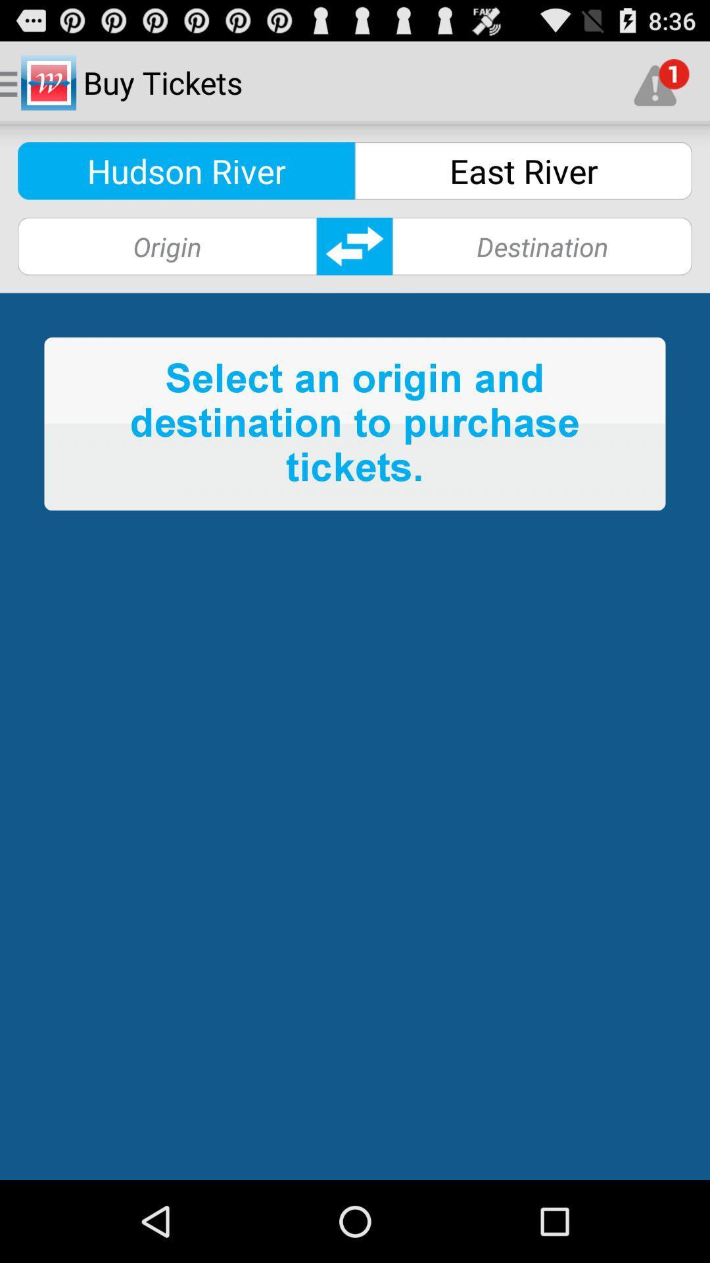 The image size is (710, 1263). I want to click on switch origin and destination labels, so click(354, 246).